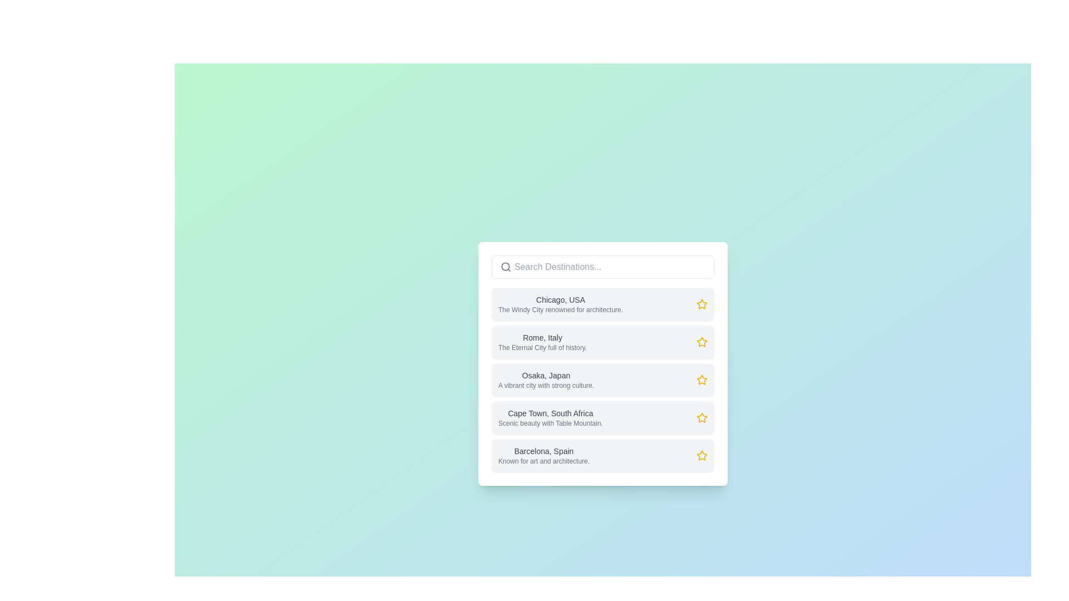  Describe the element at coordinates (561, 304) in the screenshot. I see `the descriptive text block that informs users about 'Chicago, USA', located below the search bar and above the list items 'Rome, Italy' and 'Osaka, Japan'` at that location.